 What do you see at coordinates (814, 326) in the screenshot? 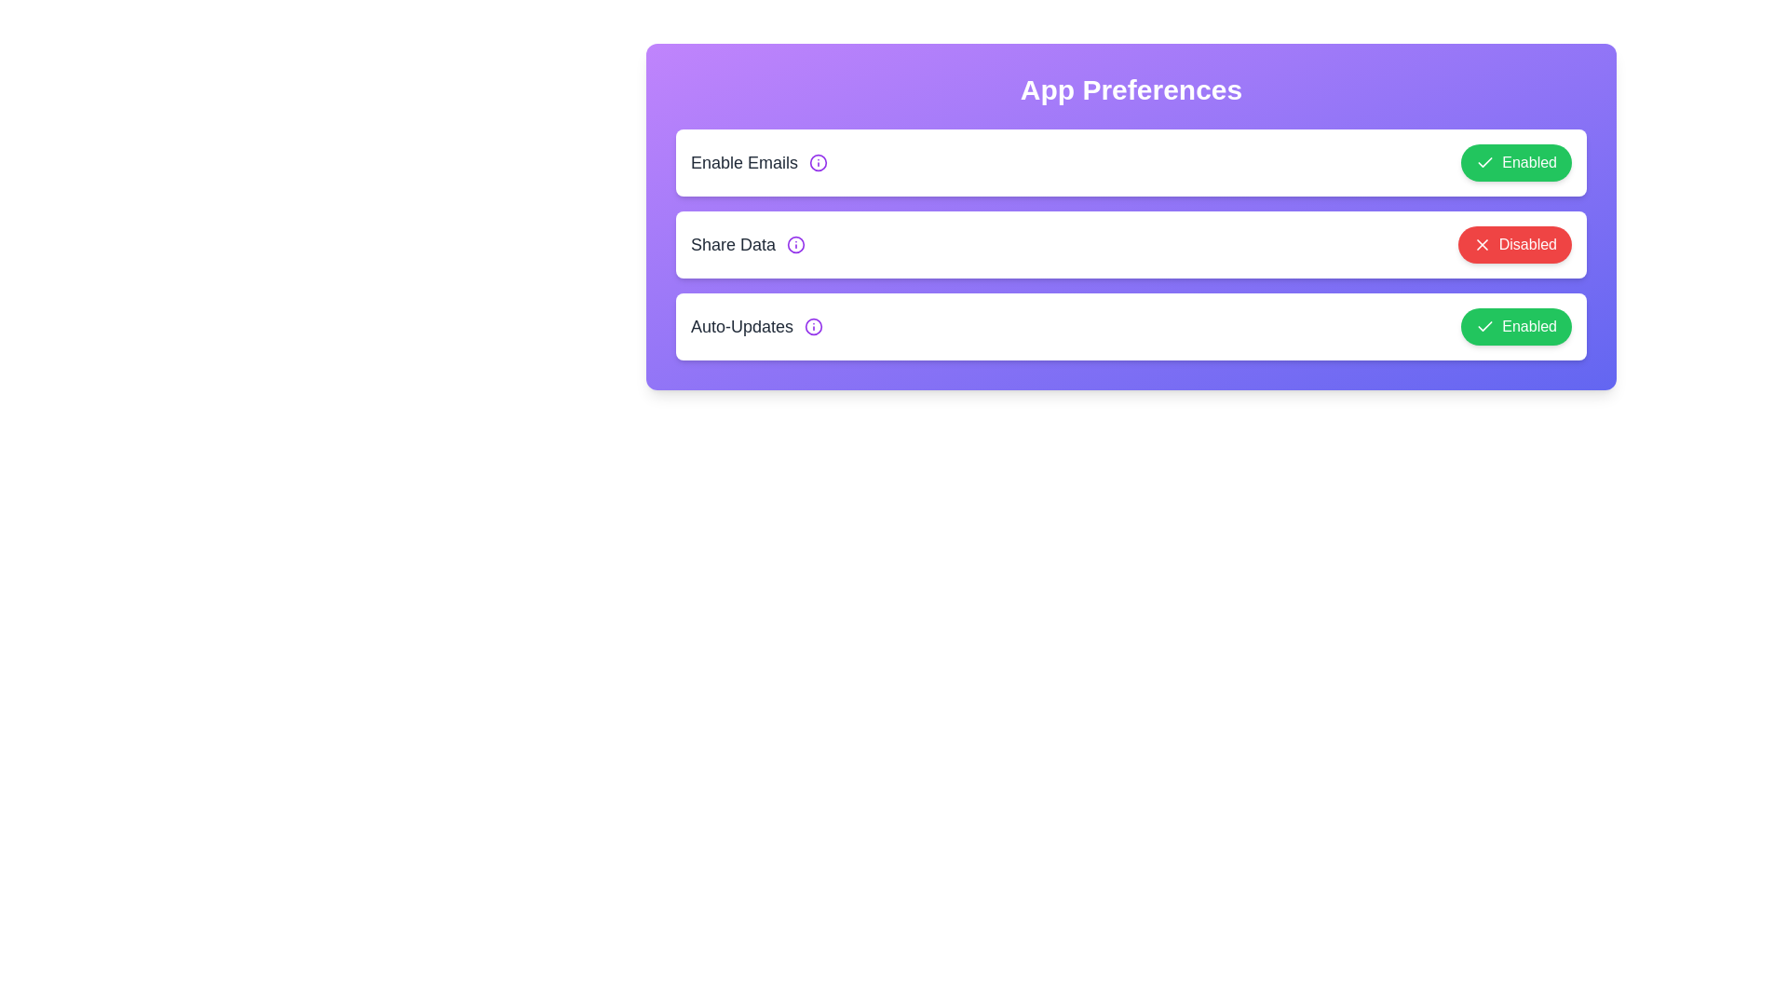
I see `the info icon for Auto-Updates` at bounding box center [814, 326].